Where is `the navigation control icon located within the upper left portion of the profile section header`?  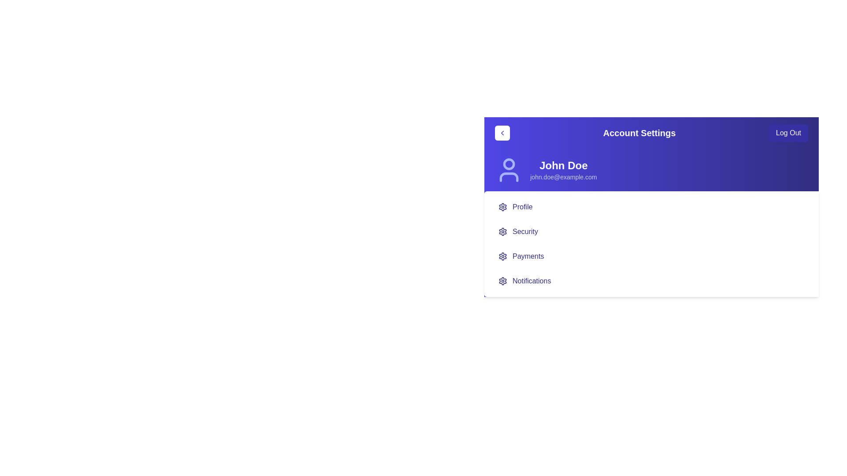 the navigation control icon located within the upper left portion of the profile section header is located at coordinates (502, 133).